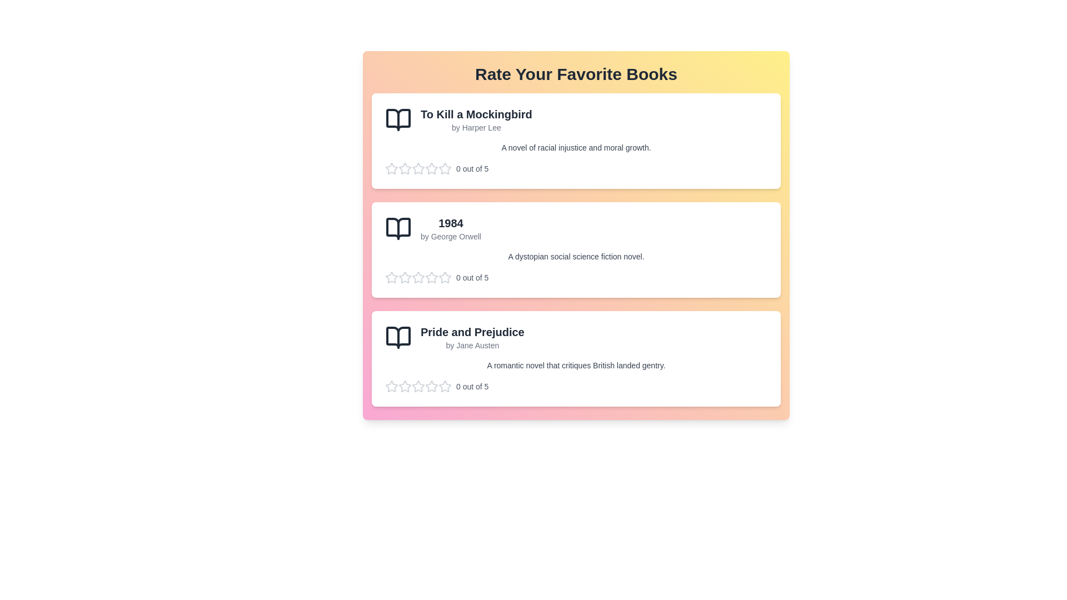  What do you see at coordinates (472, 386) in the screenshot?
I see `the text label reading '0 out of 5', which is positioned to the right of the rating stars for 'Pride and Prejudice' in the 'Rate Your Favorite Books' section` at bounding box center [472, 386].